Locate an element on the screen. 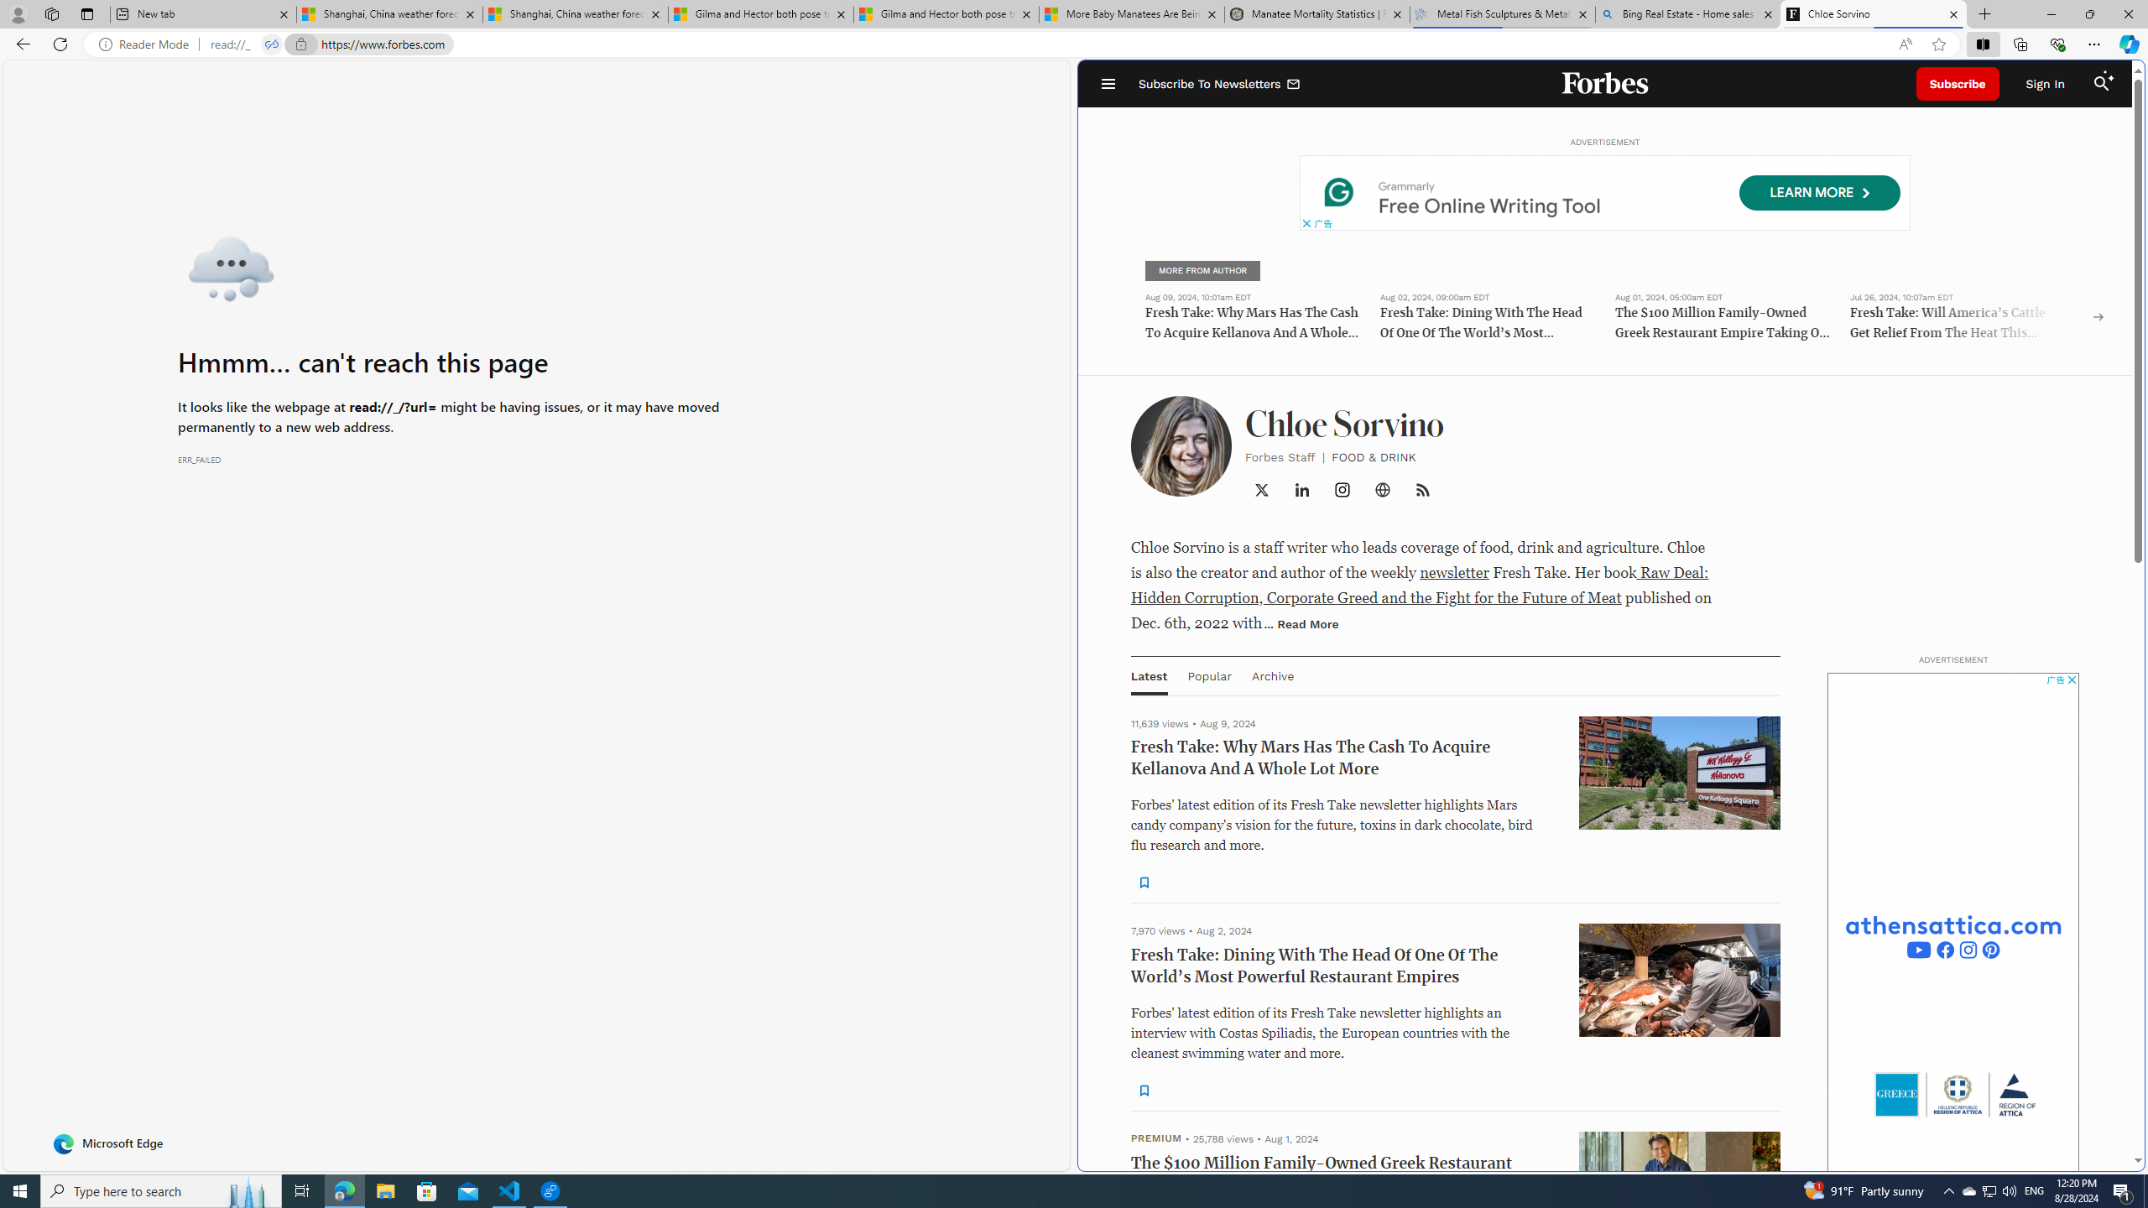  'Manatee Mortality Statistics | FWC' is located at coordinates (1316, 13).